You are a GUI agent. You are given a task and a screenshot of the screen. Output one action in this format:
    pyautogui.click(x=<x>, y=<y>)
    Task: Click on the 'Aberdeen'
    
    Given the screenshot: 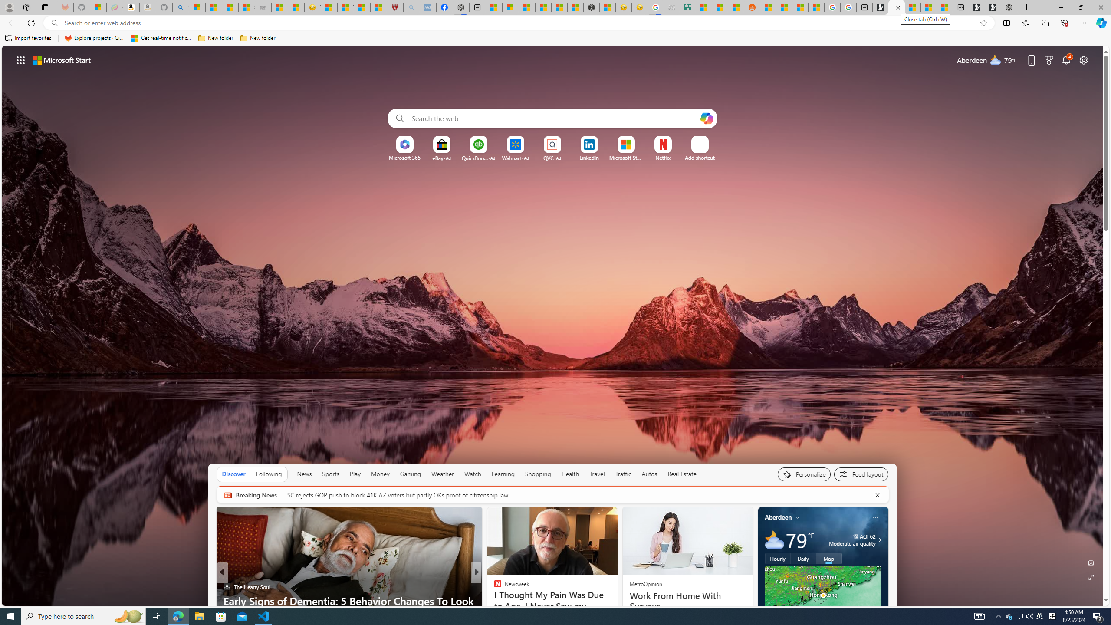 What is the action you would take?
    pyautogui.click(x=778, y=517)
    